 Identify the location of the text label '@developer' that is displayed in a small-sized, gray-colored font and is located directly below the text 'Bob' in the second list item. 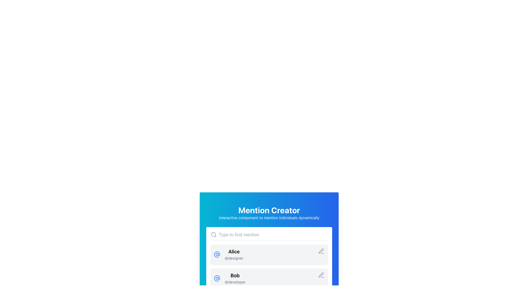
(235, 282).